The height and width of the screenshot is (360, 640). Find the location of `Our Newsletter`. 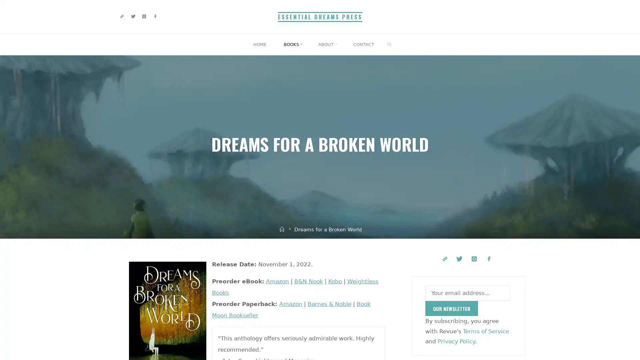

Our Newsletter is located at coordinates (451, 308).